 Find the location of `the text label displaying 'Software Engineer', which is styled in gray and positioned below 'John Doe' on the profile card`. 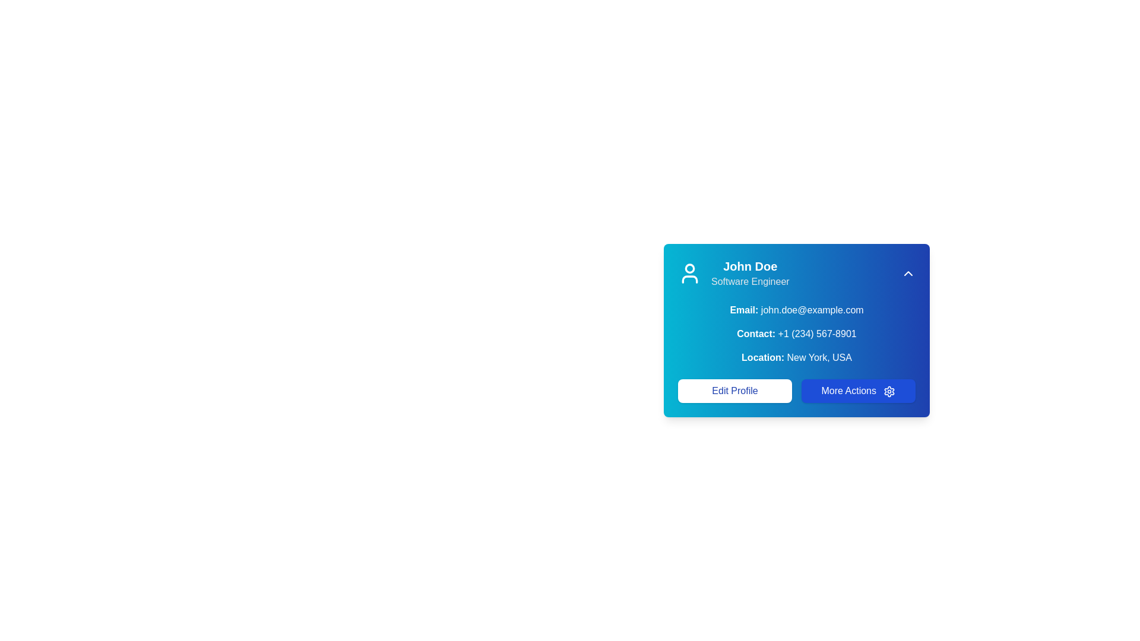

the text label displaying 'Software Engineer', which is styled in gray and positioned below 'John Doe' on the profile card is located at coordinates (749, 281).